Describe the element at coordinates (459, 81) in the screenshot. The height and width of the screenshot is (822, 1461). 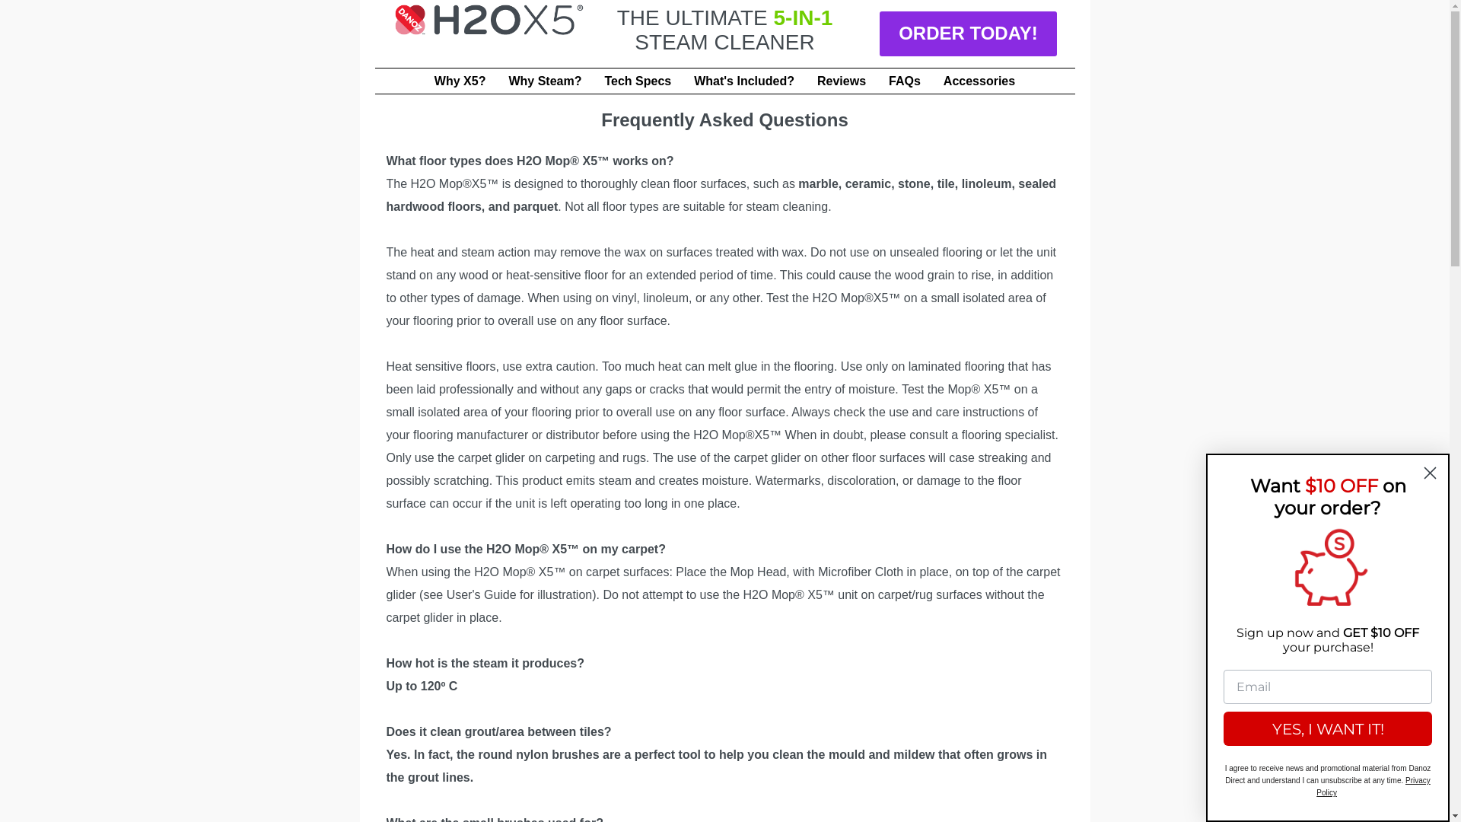
I see `'Why X5?'` at that location.